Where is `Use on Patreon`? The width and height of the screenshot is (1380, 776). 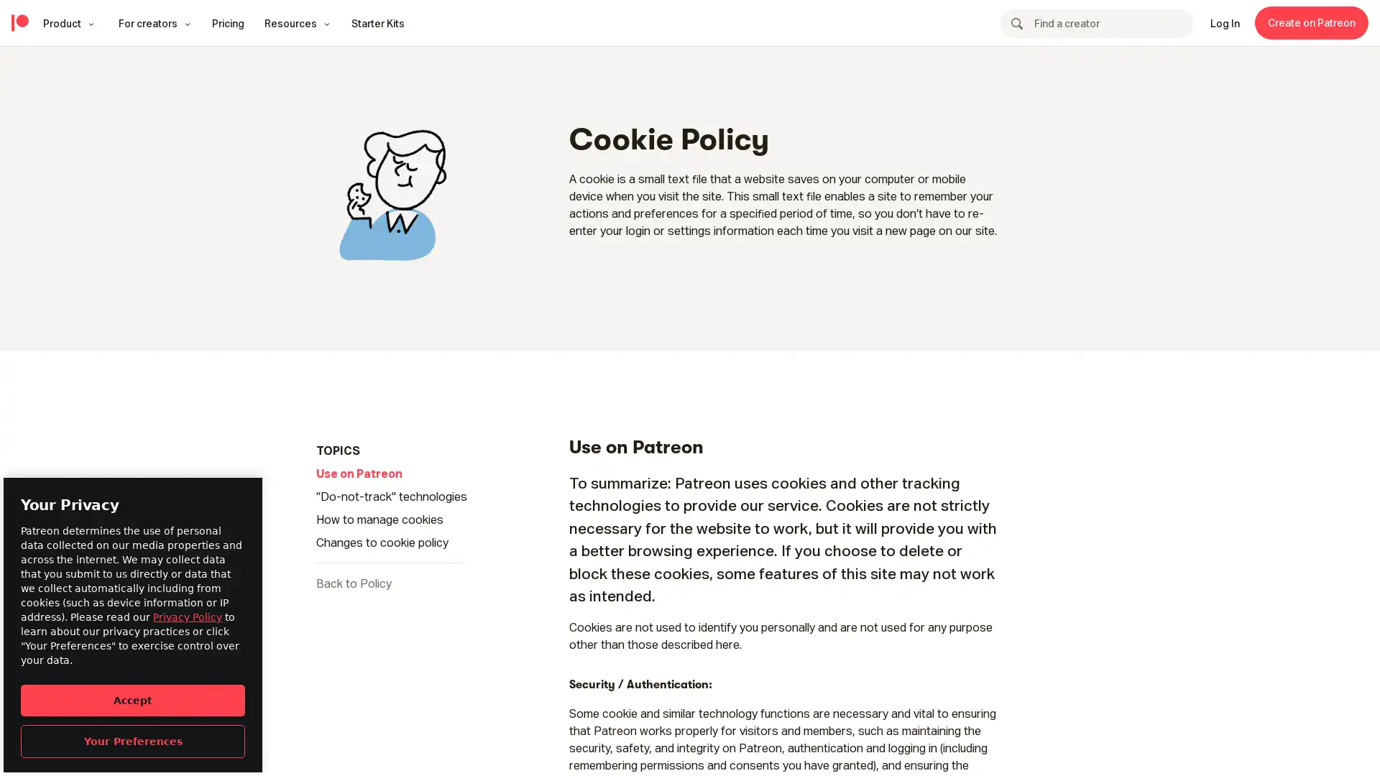 Use on Patreon is located at coordinates (359, 474).